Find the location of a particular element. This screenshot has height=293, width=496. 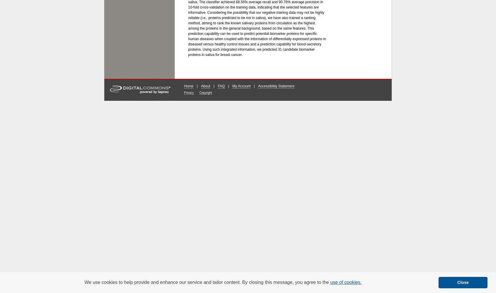

'Close' is located at coordinates (463, 282).